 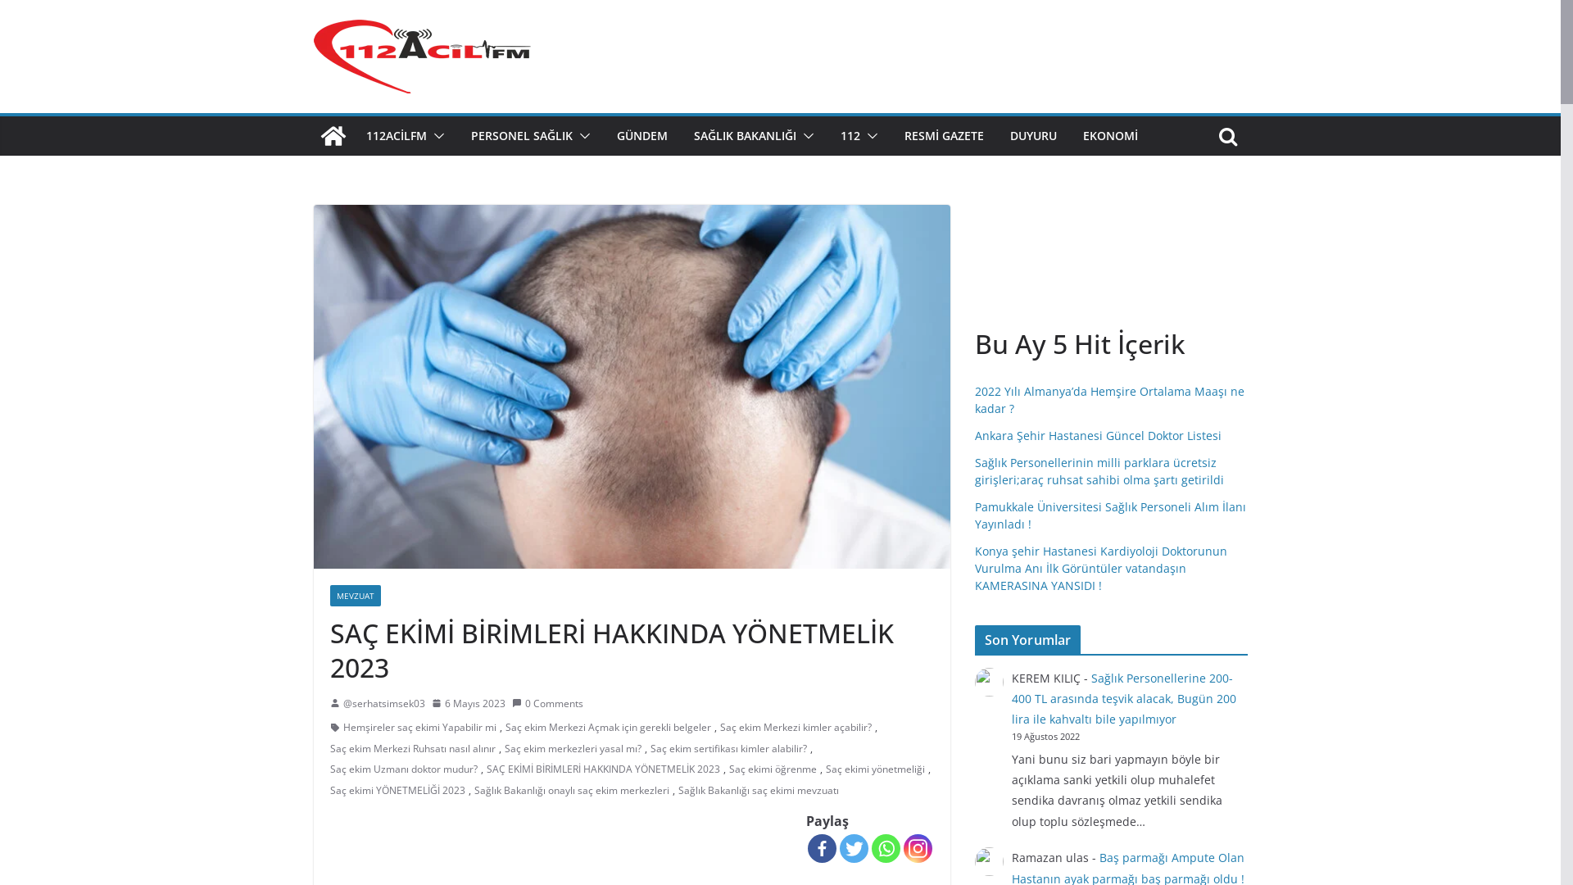 What do you see at coordinates (1031, 134) in the screenshot?
I see `'DUYURU'` at bounding box center [1031, 134].